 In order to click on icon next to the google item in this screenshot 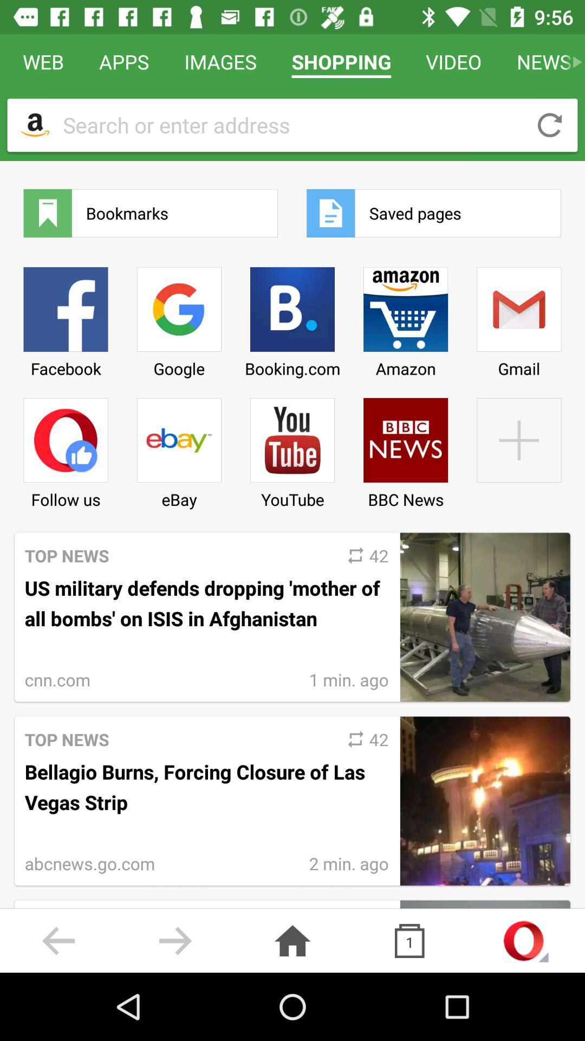, I will do `click(292, 449)`.